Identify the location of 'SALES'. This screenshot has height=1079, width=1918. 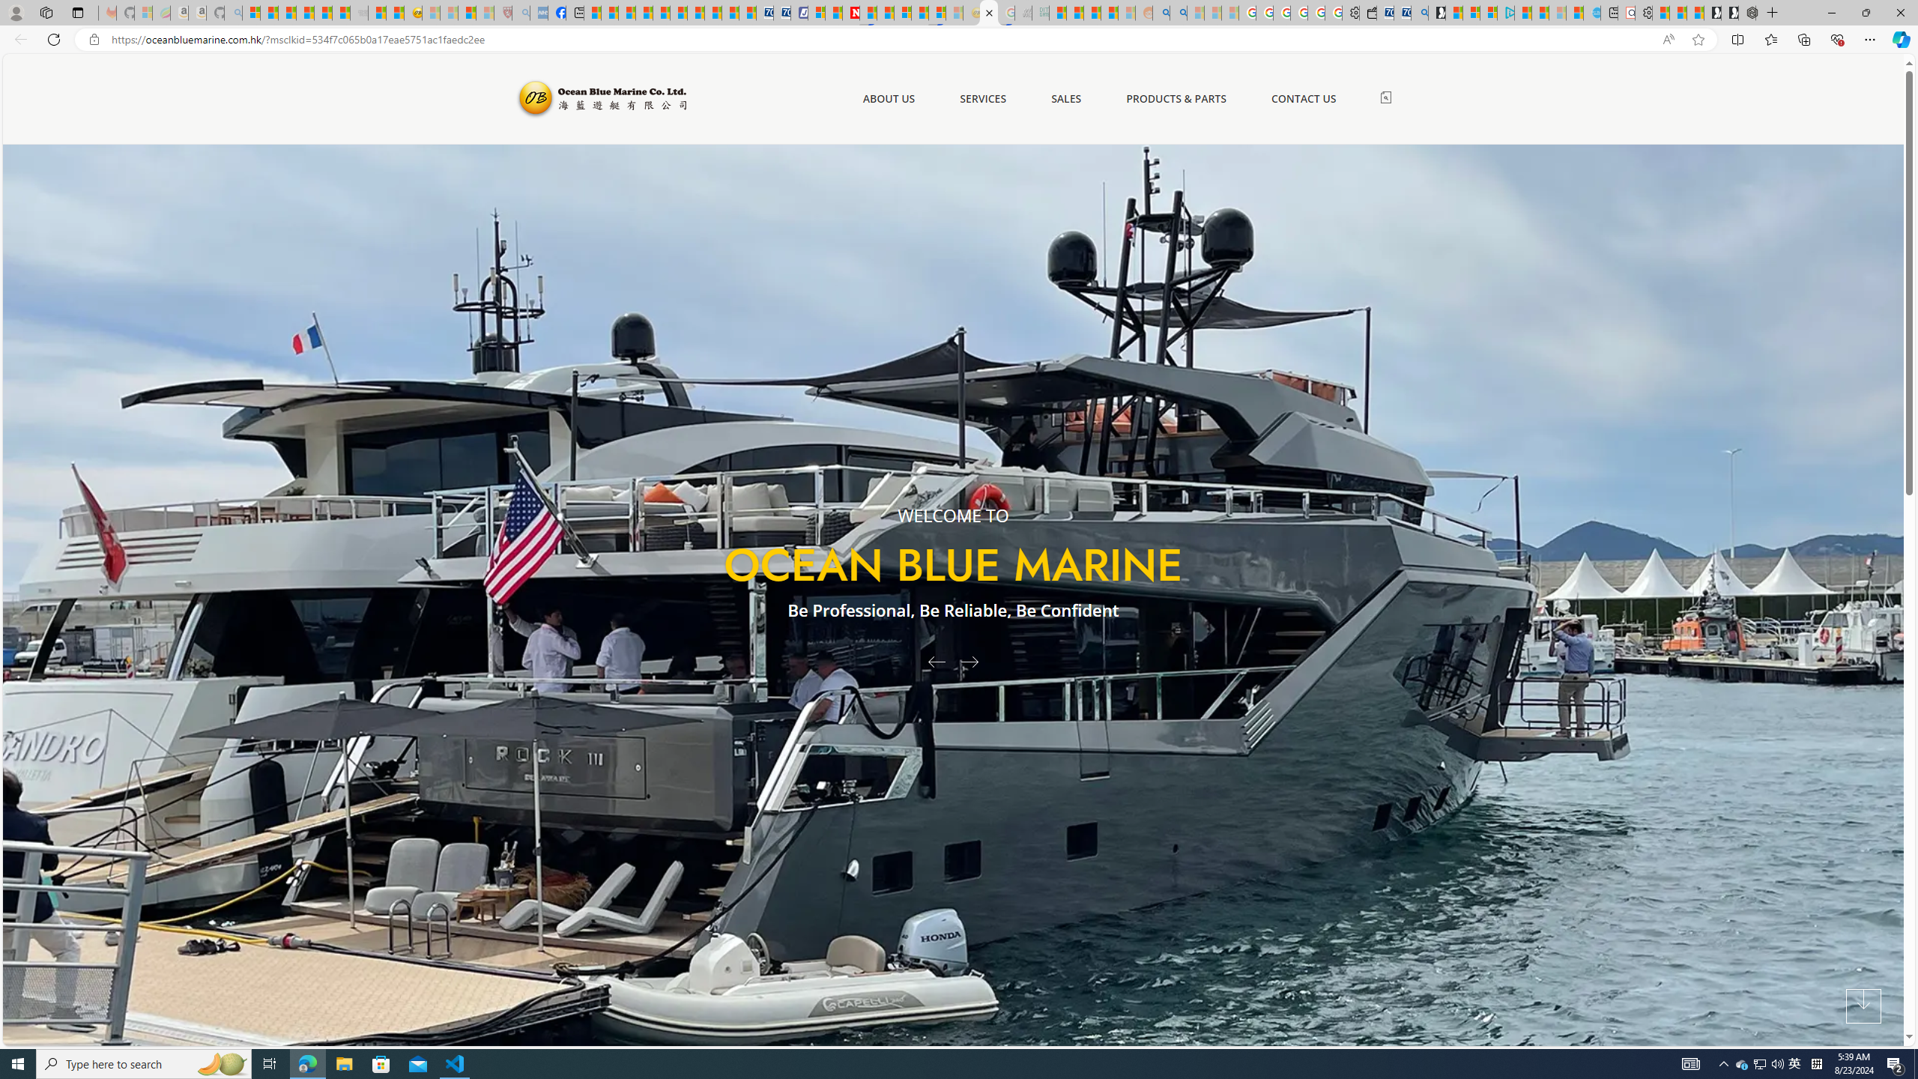
(1065, 98).